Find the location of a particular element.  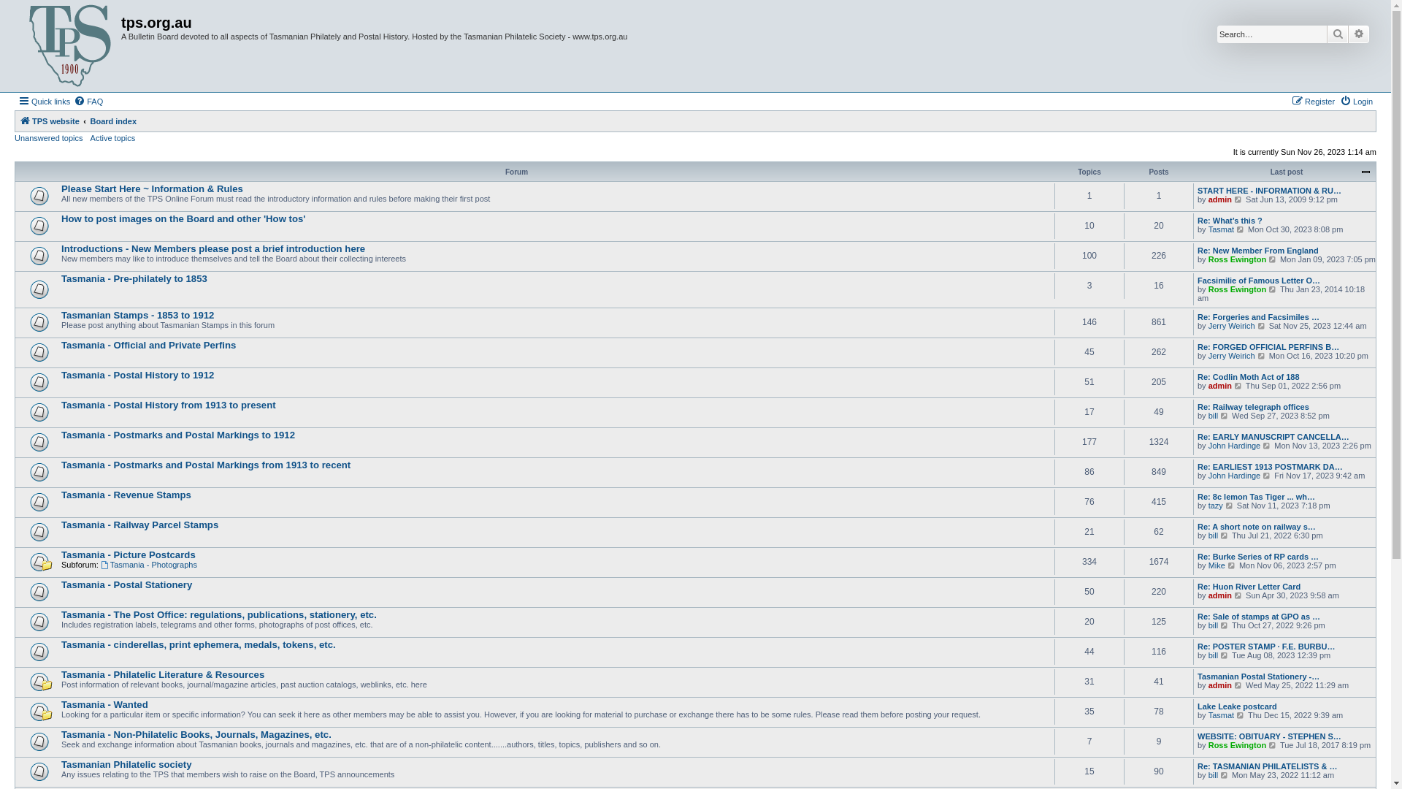

'Re: Huon River Letter Card' is located at coordinates (1248, 585).